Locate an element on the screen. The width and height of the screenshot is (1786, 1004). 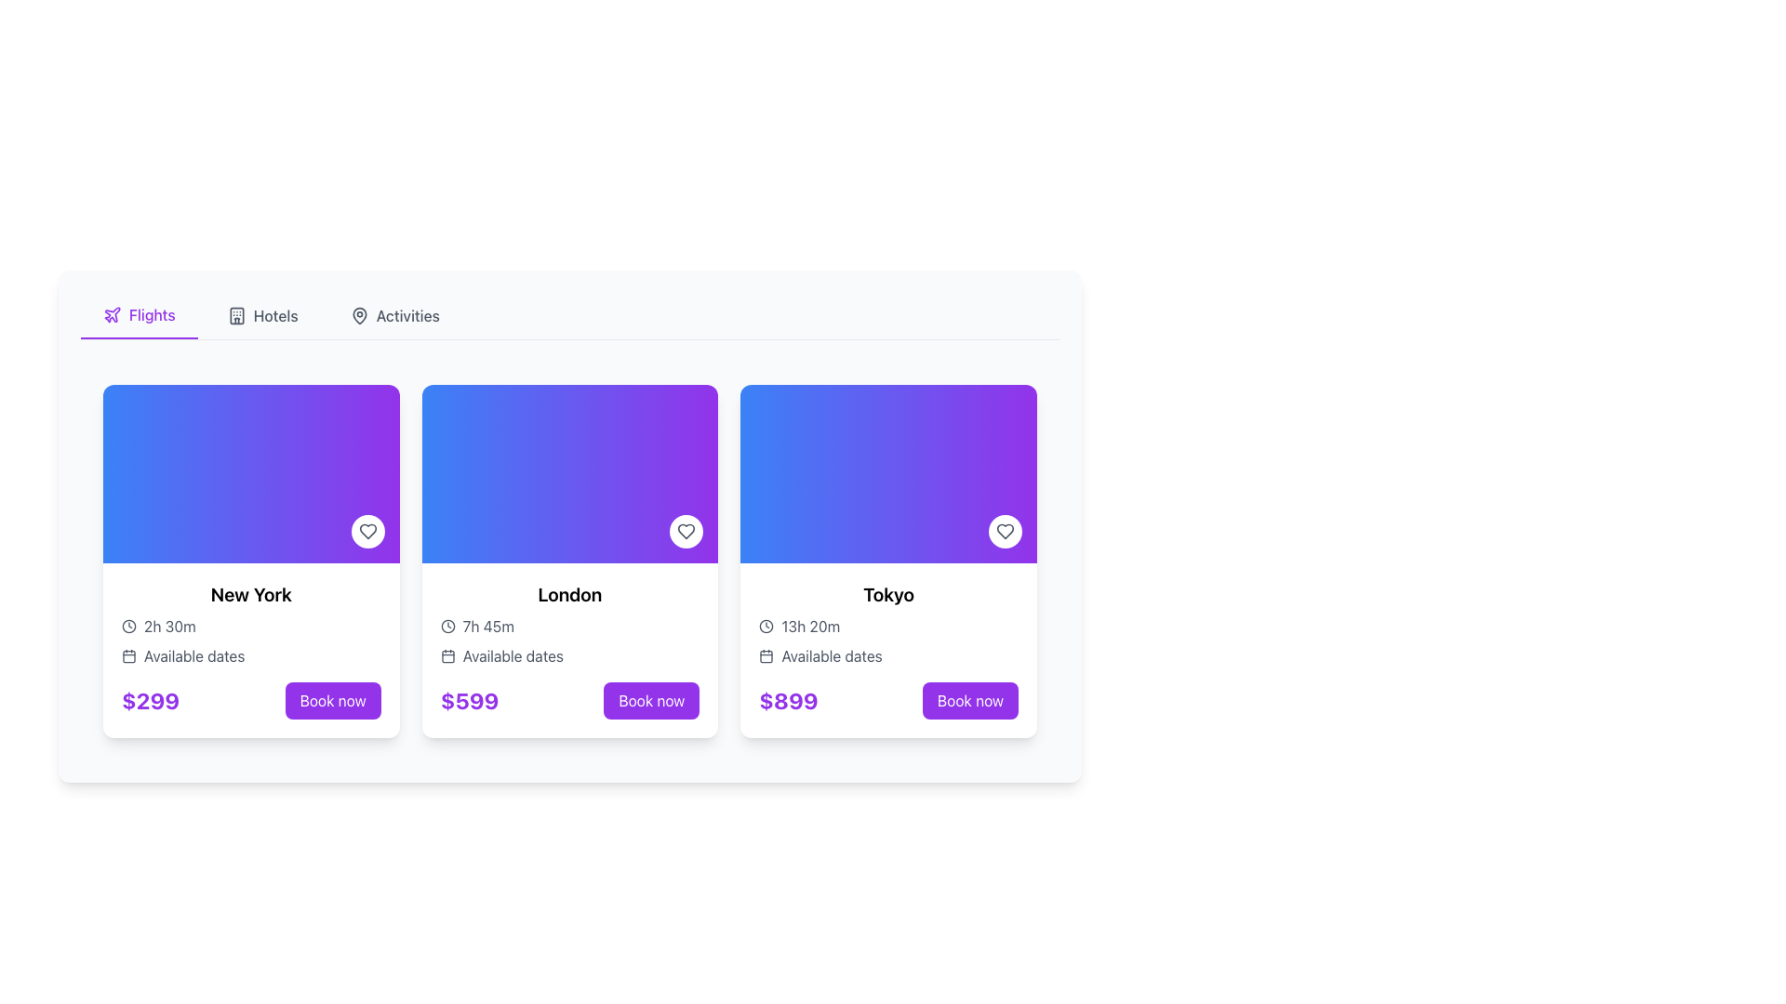
the bolded, large-sized text label displaying 'New York', which is centrally aligned within its area in the first flight card on the left, positioned beneath the card's primary visual area is located at coordinates (250, 595).